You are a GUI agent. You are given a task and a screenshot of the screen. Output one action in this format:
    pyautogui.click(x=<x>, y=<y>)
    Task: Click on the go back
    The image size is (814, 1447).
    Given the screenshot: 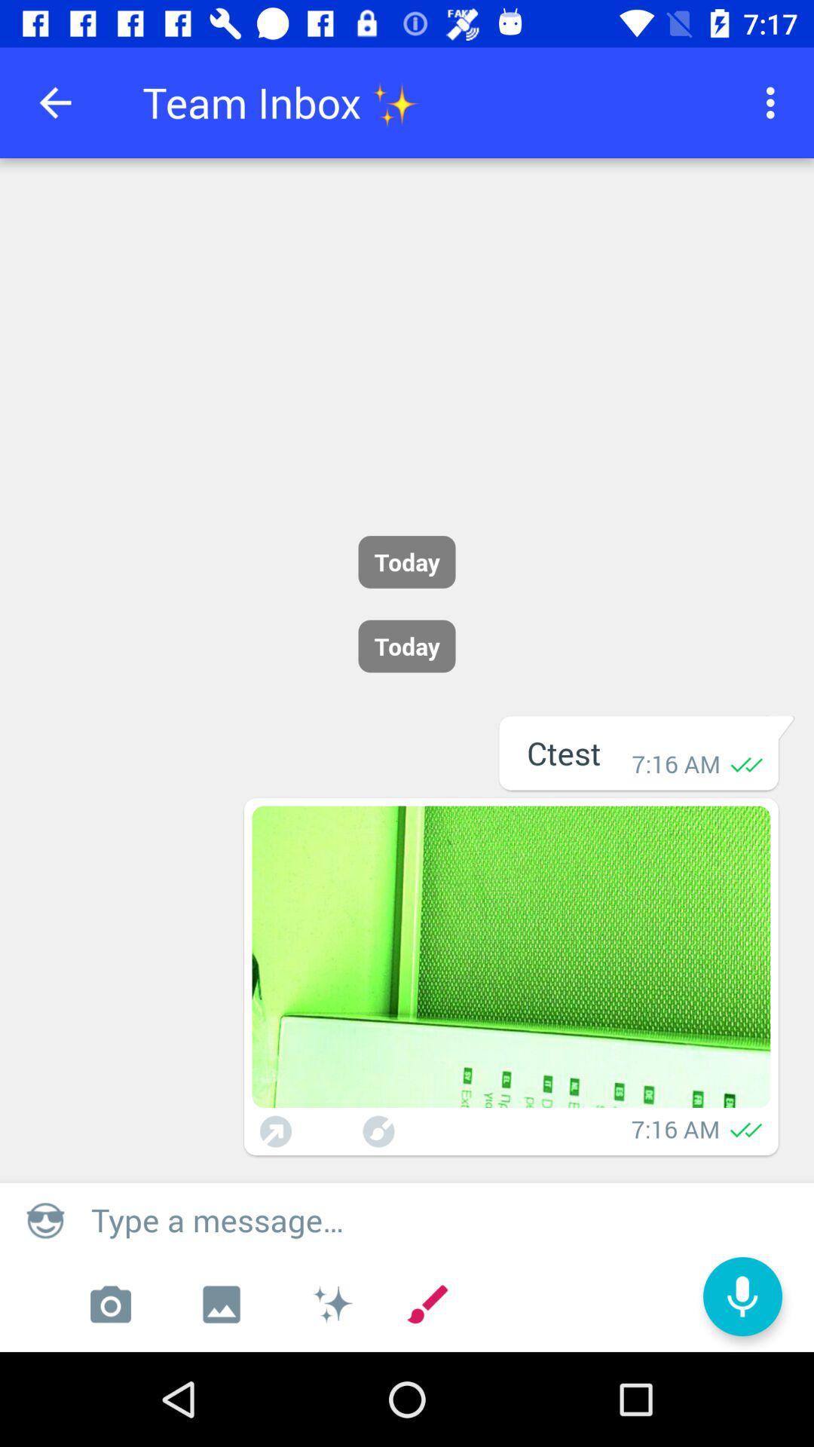 What is the action you would take?
    pyautogui.click(x=54, y=102)
    